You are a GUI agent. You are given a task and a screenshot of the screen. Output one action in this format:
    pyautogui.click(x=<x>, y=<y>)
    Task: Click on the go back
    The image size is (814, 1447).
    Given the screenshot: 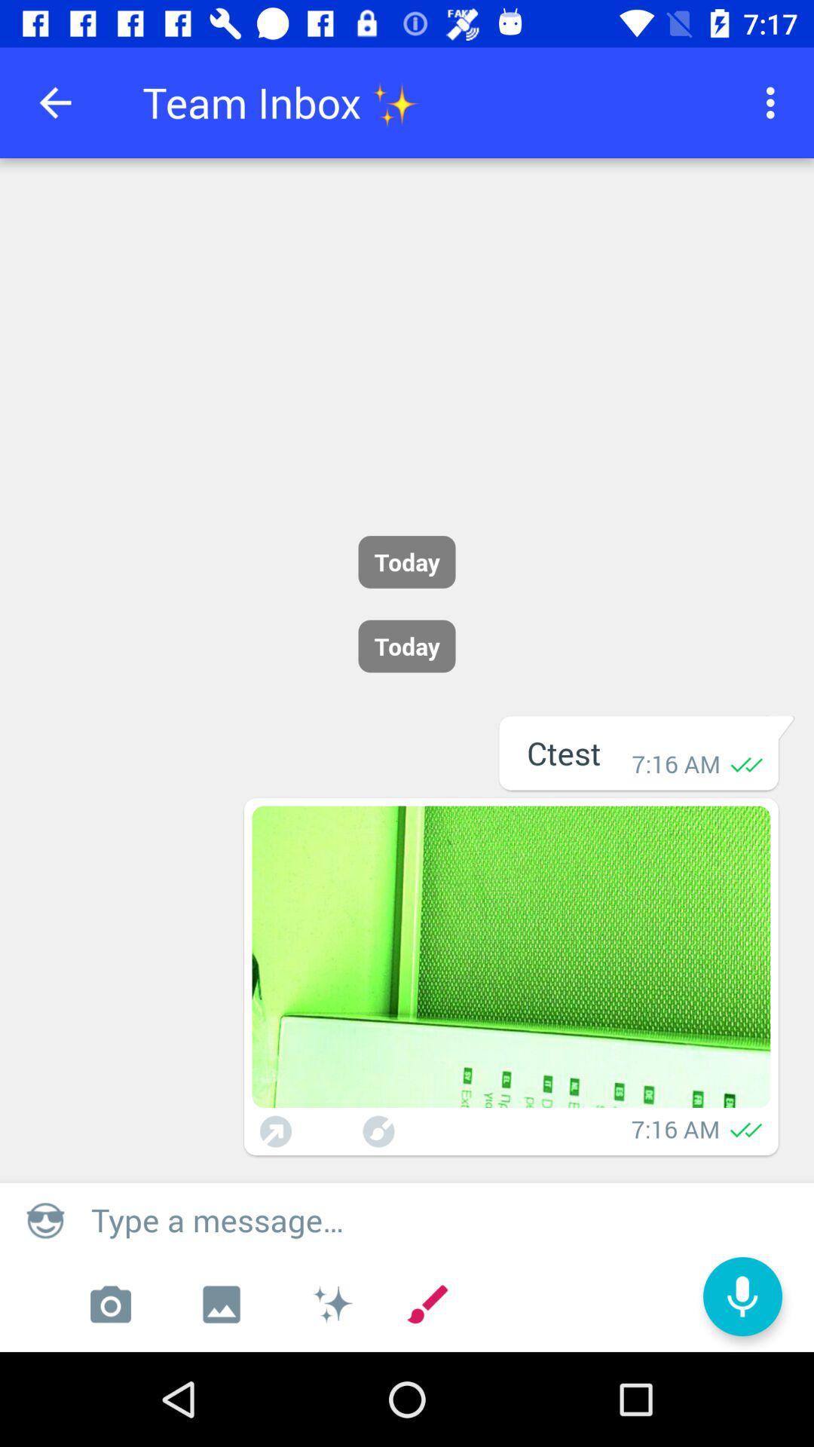 What is the action you would take?
    pyautogui.click(x=54, y=102)
    